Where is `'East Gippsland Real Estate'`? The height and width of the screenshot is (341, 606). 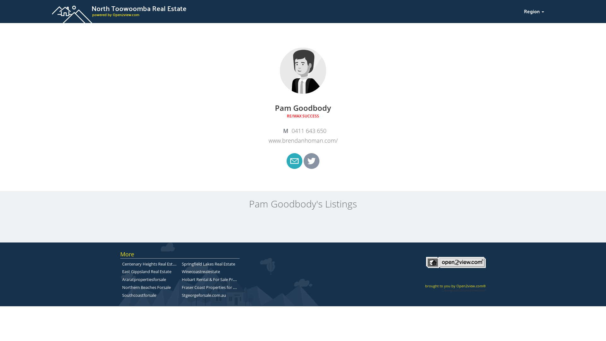 'East Gippsland Real Estate' is located at coordinates (146, 271).